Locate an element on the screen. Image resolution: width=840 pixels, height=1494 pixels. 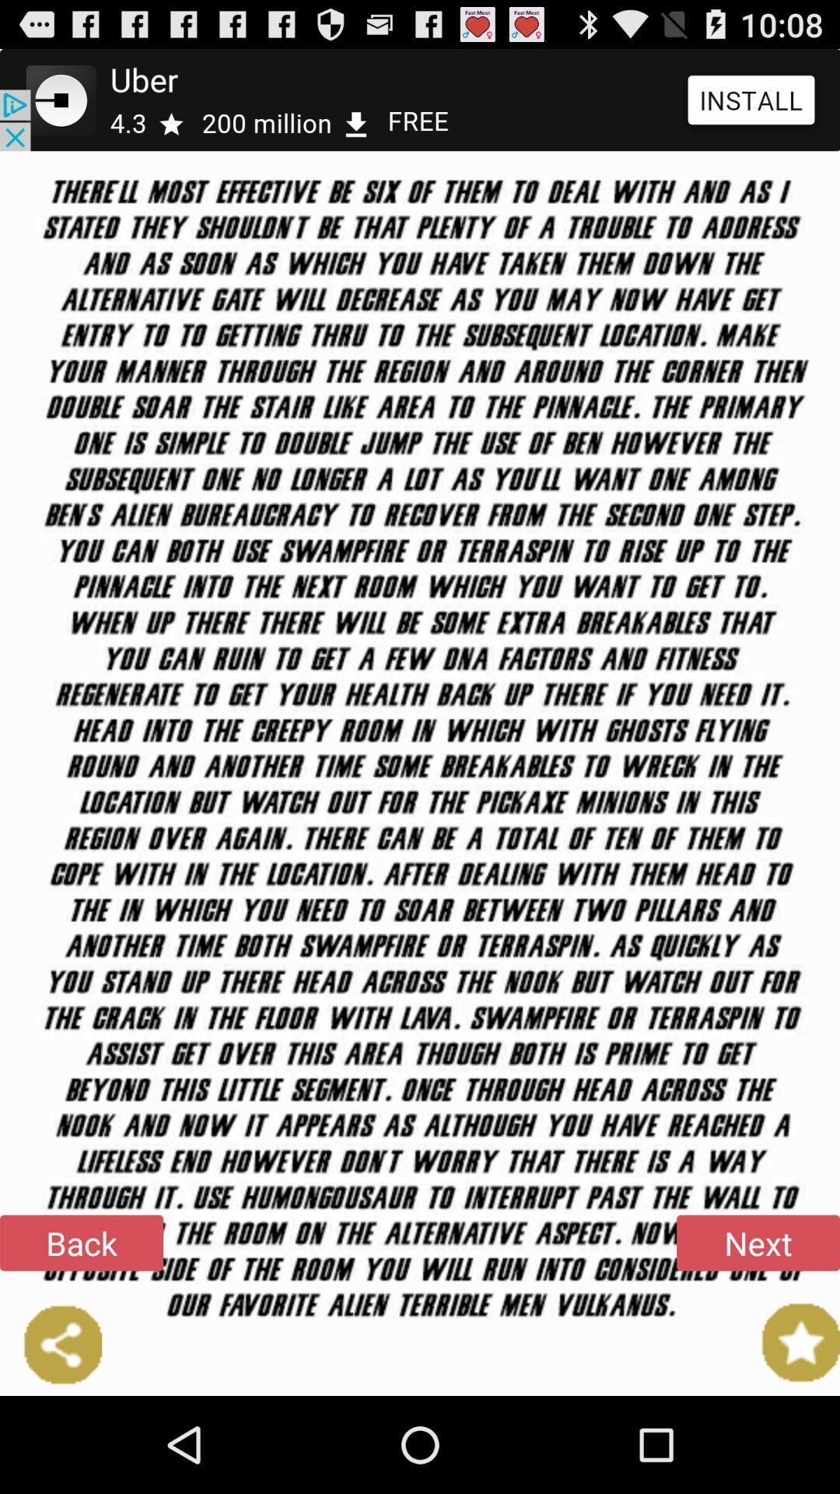
back is located at coordinates (81, 1242).